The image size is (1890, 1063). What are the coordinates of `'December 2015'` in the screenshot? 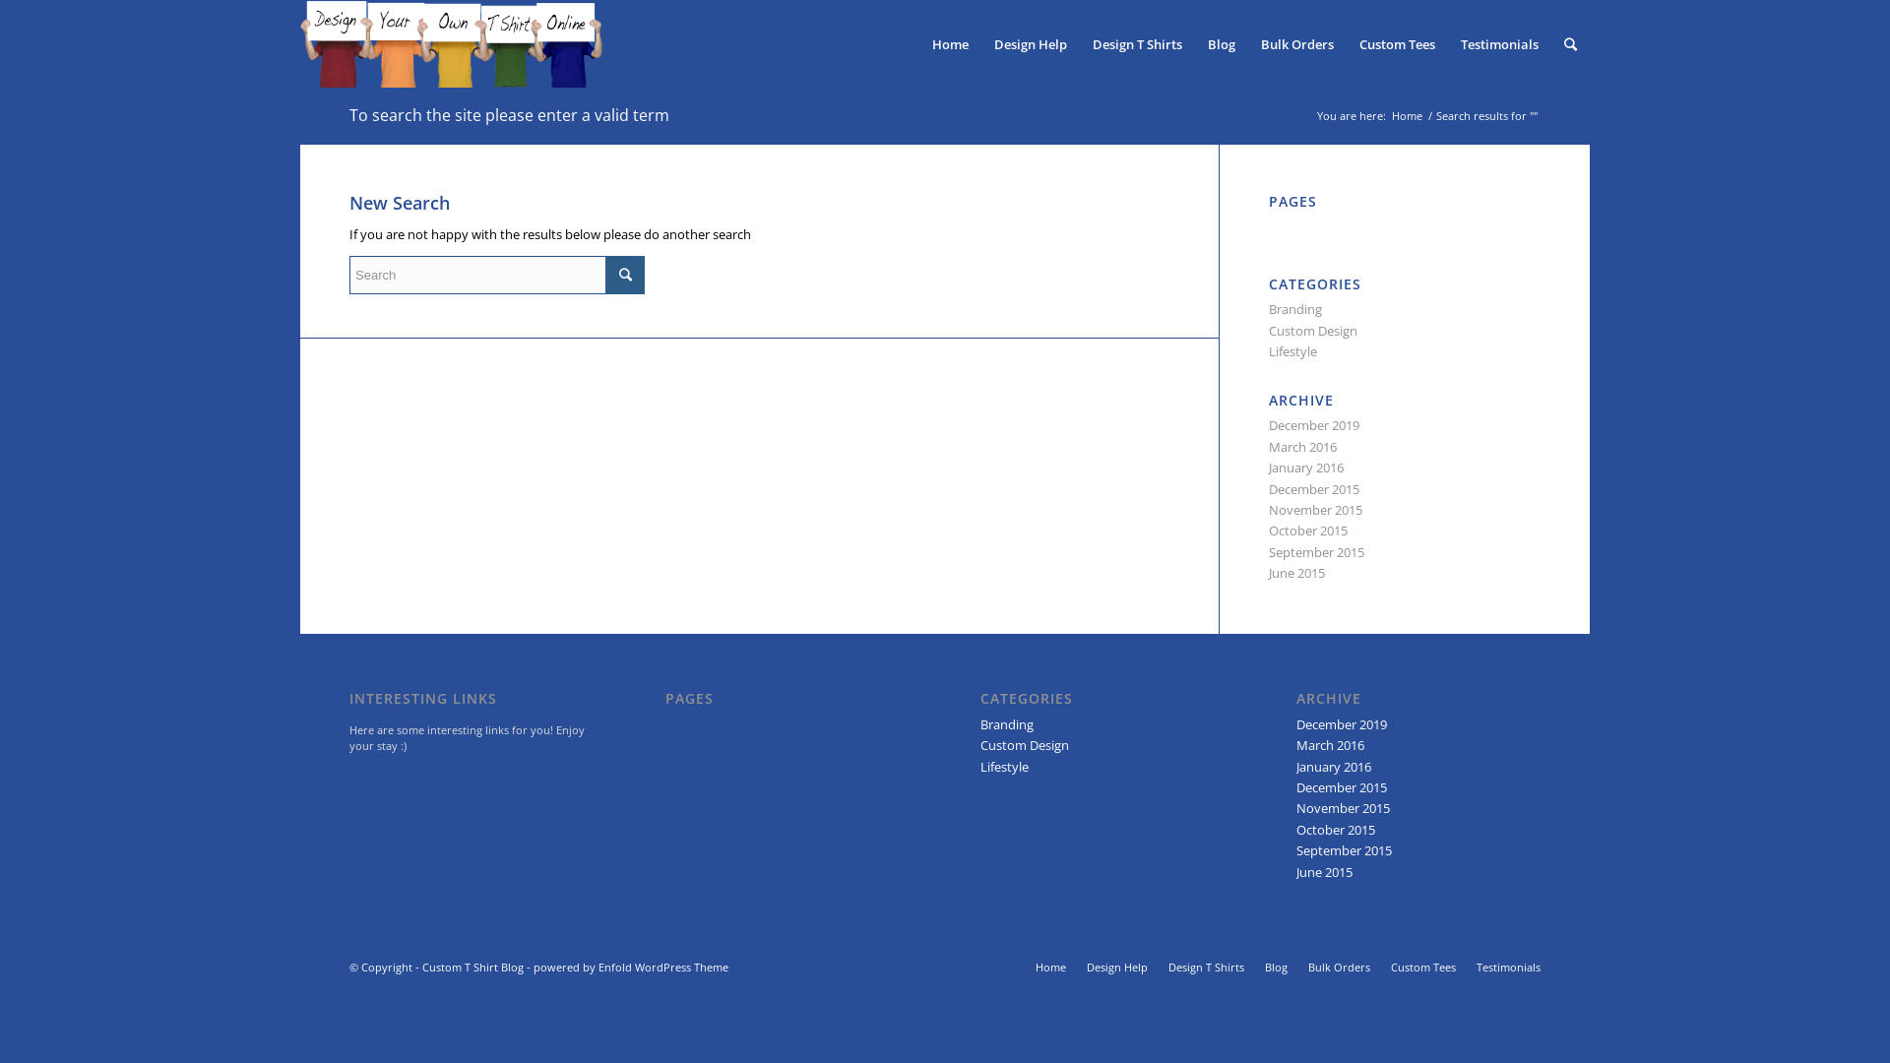 It's located at (1341, 785).